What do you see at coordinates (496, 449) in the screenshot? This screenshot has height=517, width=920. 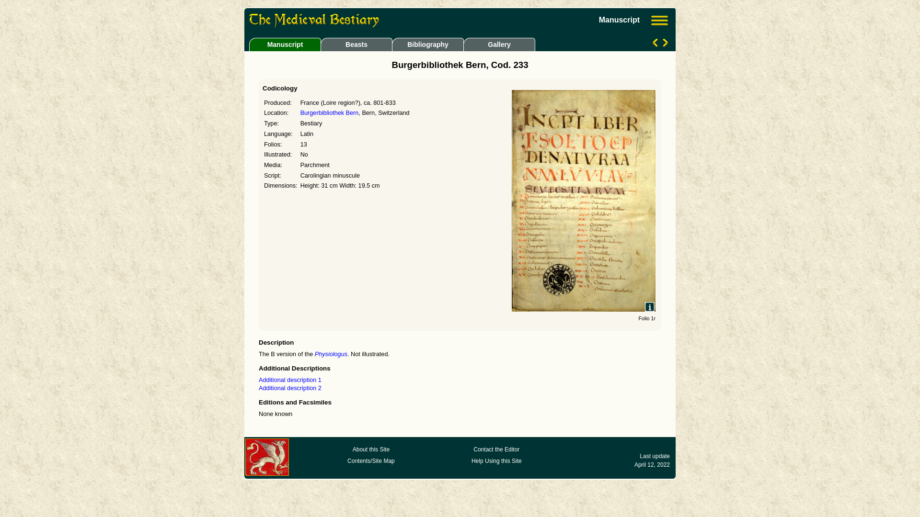 I see `'Contact the Editor'` at bounding box center [496, 449].